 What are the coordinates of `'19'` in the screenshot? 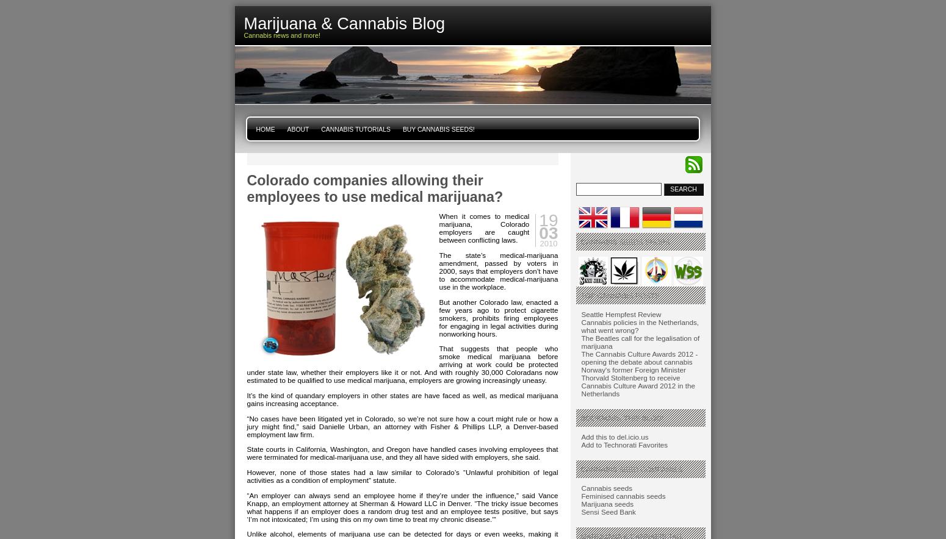 It's located at (548, 219).